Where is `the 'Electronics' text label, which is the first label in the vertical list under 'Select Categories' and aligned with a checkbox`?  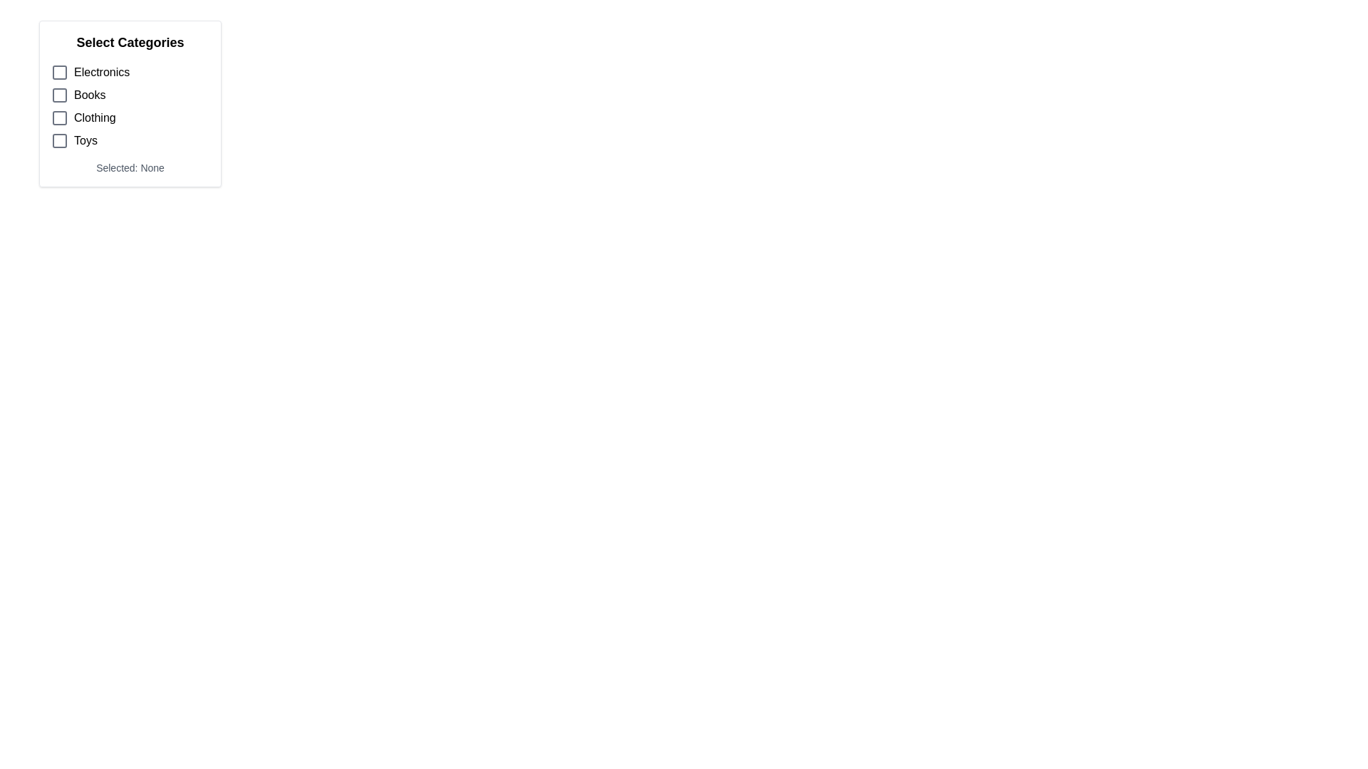 the 'Electronics' text label, which is the first label in the vertical list under 'Select Categories' and aligned with a checkbox is located at coordinates (101, 72).